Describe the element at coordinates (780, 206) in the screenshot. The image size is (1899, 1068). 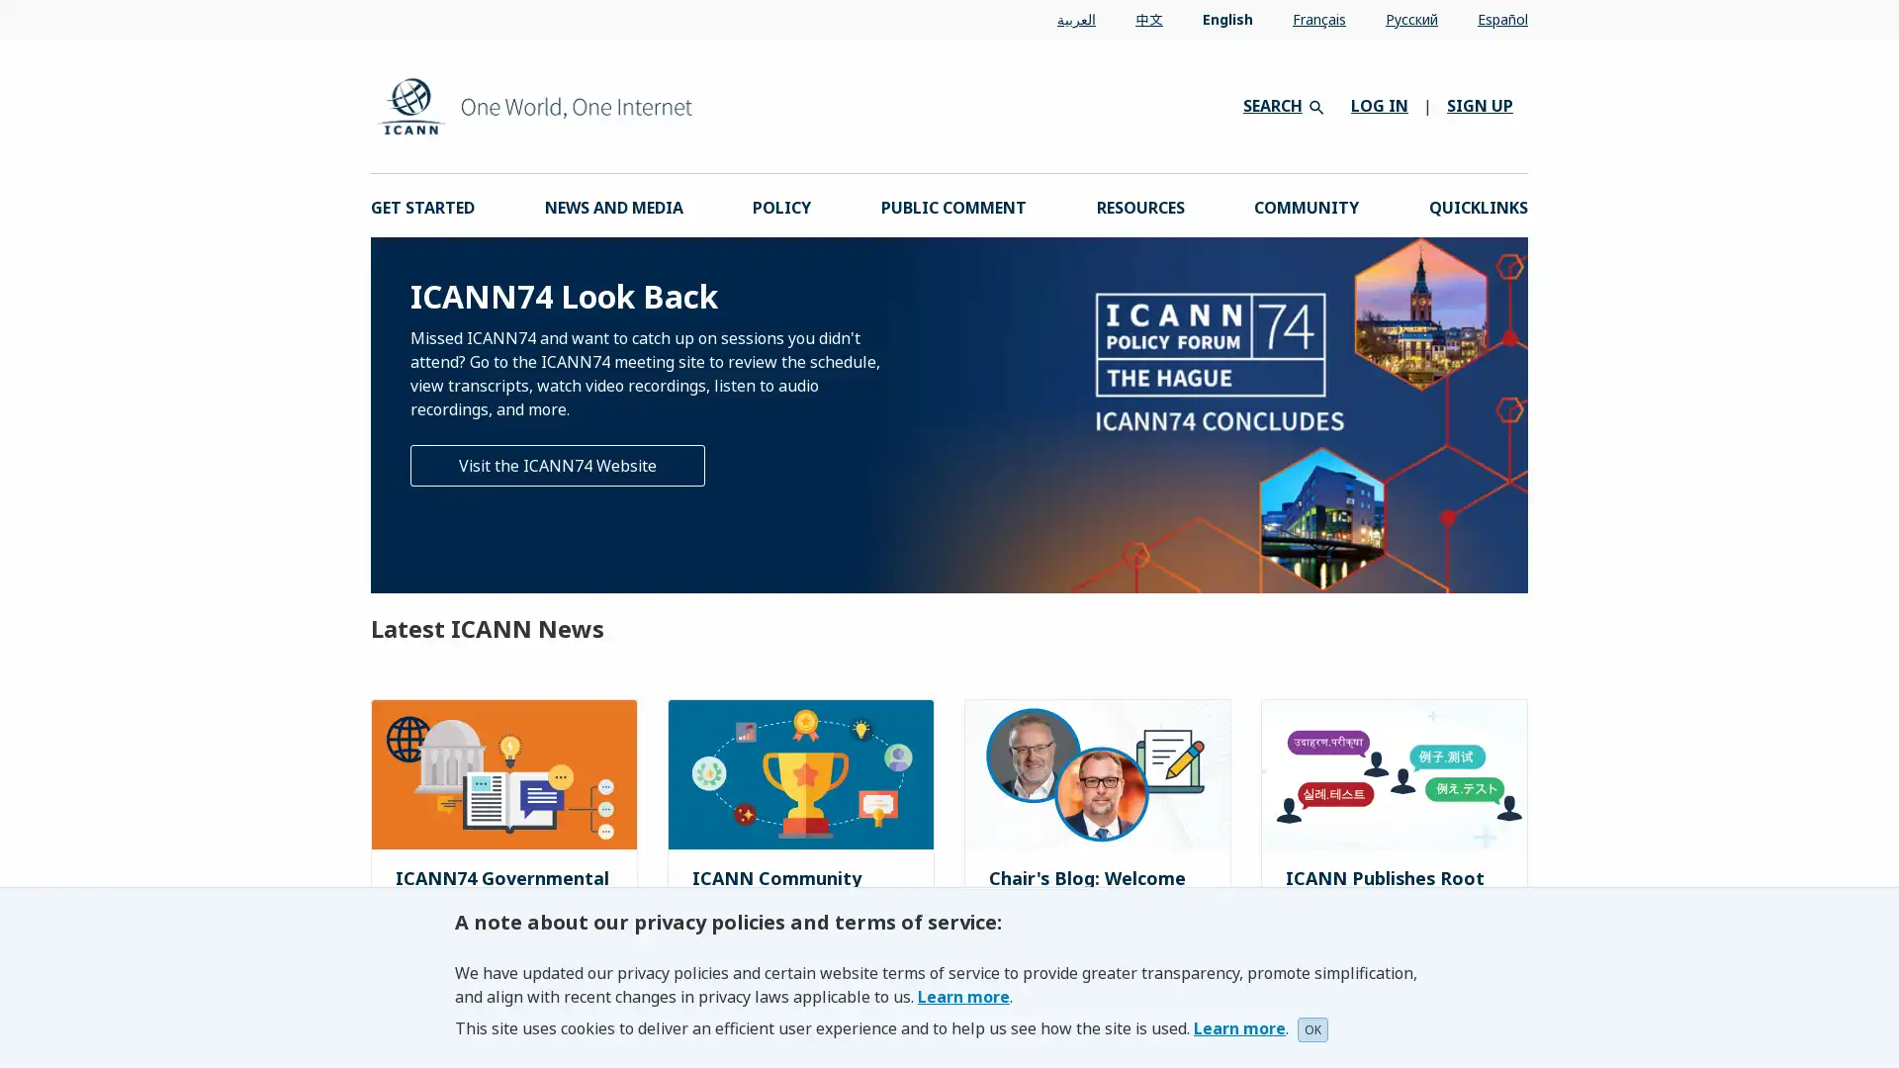
I see `POLICY` at that location.